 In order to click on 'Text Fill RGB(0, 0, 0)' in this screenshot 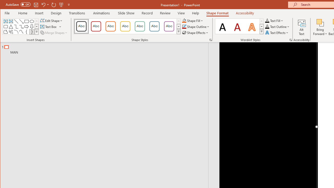, I will do `click(267, 20)`.